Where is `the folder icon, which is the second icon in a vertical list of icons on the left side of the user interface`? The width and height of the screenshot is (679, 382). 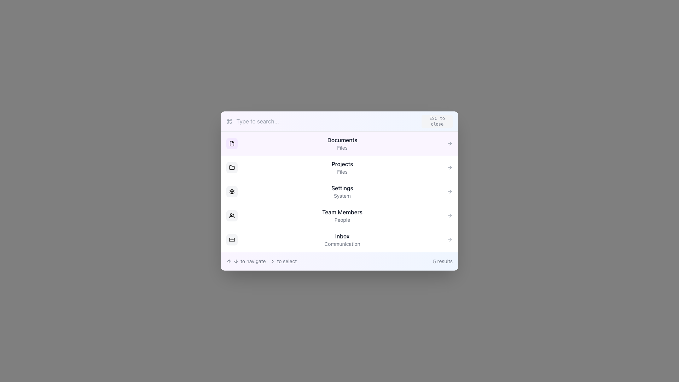 the folder icon, which is the second icon in a vertical list of icons on the left side of the user interface is located at coordinates (232, 167).